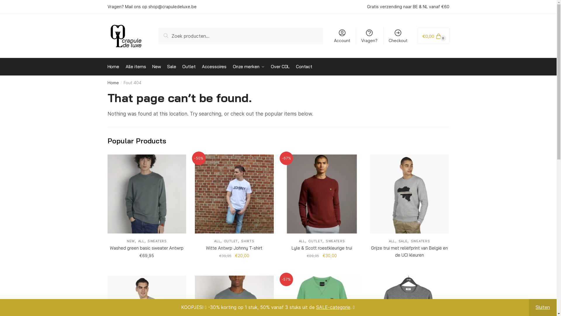 The height and width of the screenshot is (316, 561). Describe the element at coordinates (148, 6) in the screenshot. I see `'shop@crapuledeluxe.be'` at that location.